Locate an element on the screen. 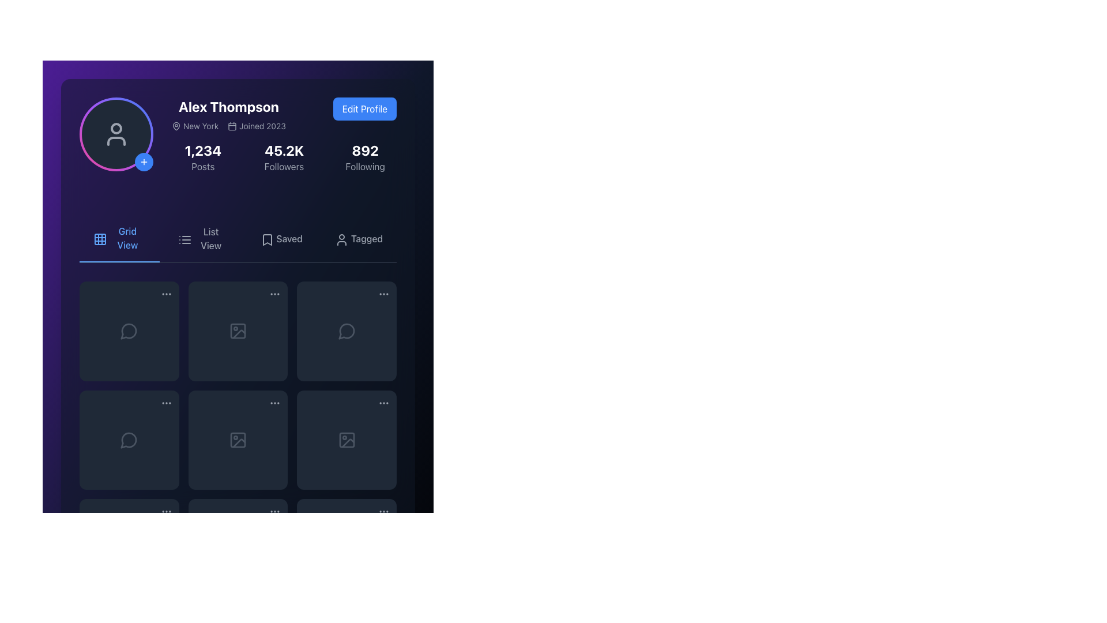 Image resolution: width=1107 pixels, height=623 pixels. the Interactive Image Placeholder located is located at coordinates (346, 440).